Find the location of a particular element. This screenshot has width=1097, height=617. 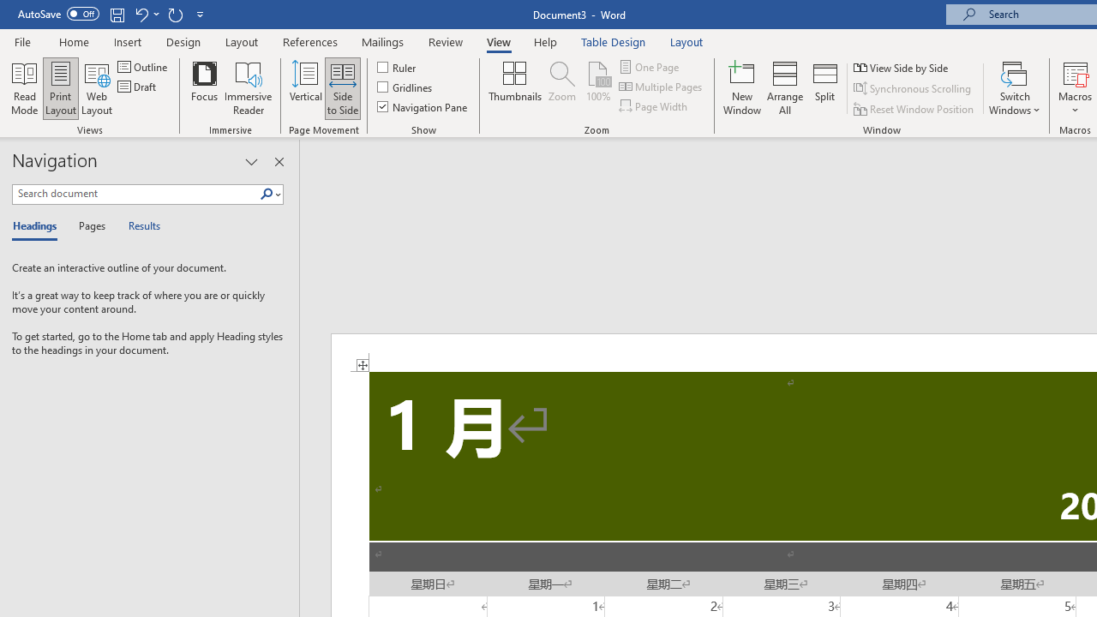

'Gridlines' is located at coordinates (405, 87).